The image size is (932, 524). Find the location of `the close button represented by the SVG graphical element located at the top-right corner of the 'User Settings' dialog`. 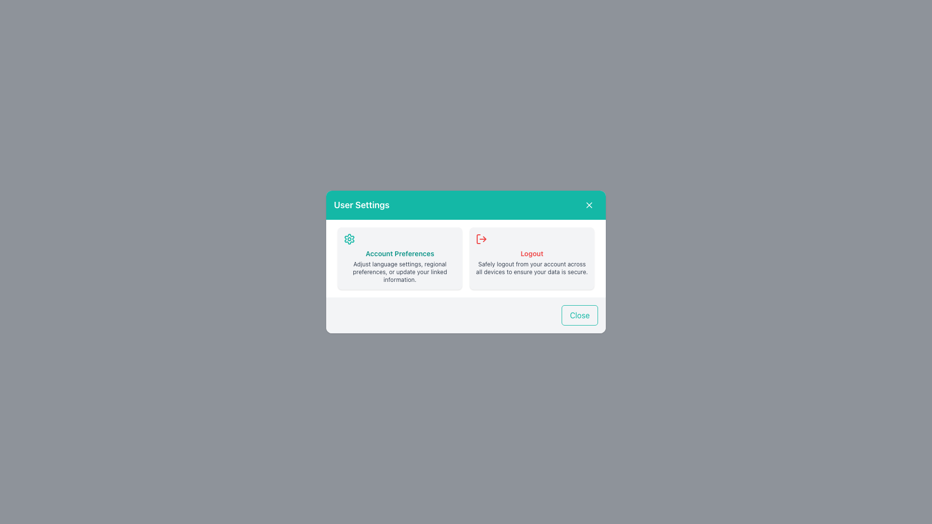

the close button represented by the SVG graphical element located at the top-right corner of the 'User Settings' dialog is located at coordinates (589, 205).